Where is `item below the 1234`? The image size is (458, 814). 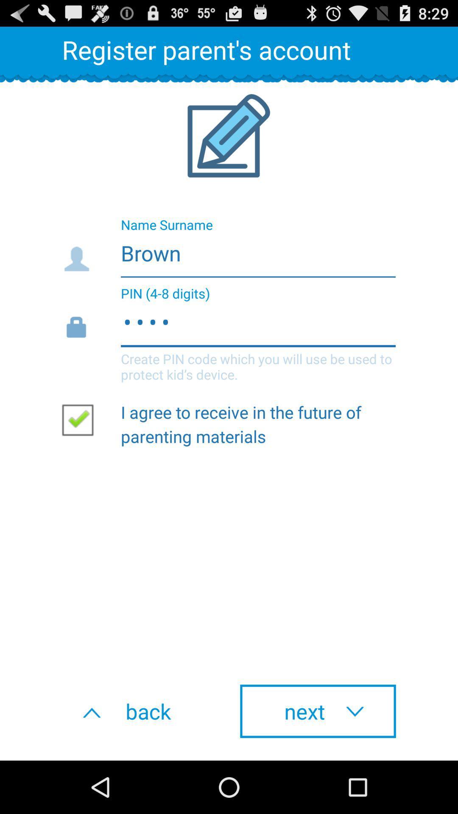 item below the 1234 is located at coordinates (81, 419).